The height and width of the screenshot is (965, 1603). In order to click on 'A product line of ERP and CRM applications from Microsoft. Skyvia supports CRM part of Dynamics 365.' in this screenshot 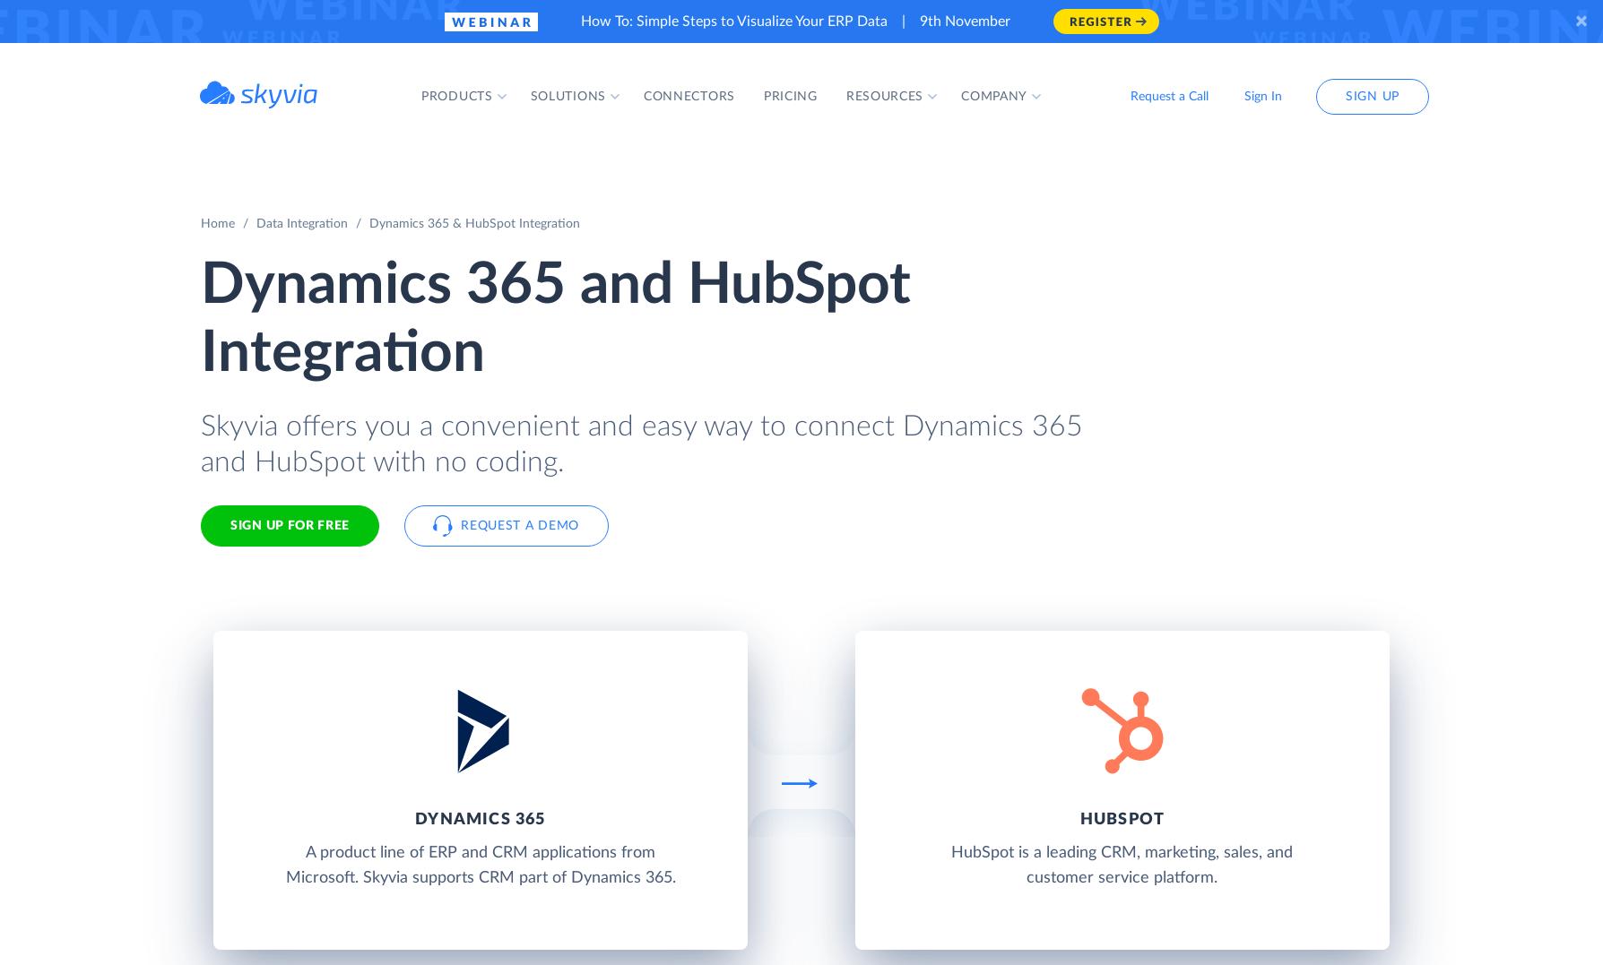, I will do `click(284, 865)`.